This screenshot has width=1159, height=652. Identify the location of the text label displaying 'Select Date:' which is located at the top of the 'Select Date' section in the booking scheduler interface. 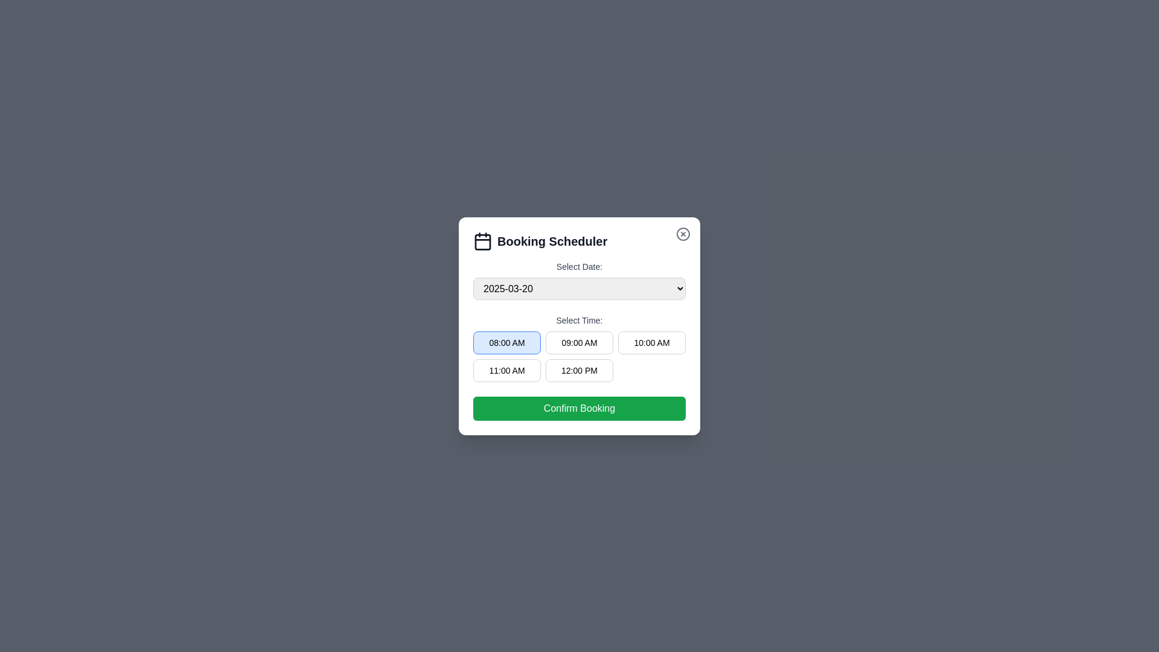
(579, 265).